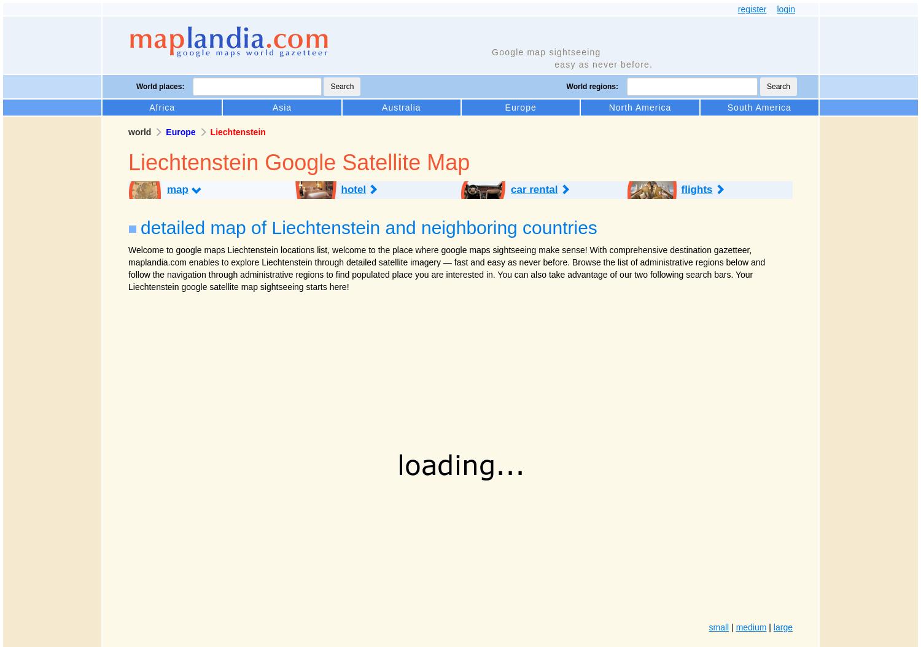  What do you see at coordinates (446, 267) in the screenshot?
I see `'Welcome to google maps Liechtenstein locations list, welcome to the place where google maps sightseeing make sense! With comprehensive destination gazetteer, maplandia.com enables to explore Liechtenstein through detailed satellite imagery — fast and easy as never before. Browse the list of administrative regions below and follow the navigation through administrative regions to find populated place you are interested in. You can also take advantage of our two following search bars. Your Liechtenstein google satellite map sightseeing starts here!'` at bounding box center [446, 267].